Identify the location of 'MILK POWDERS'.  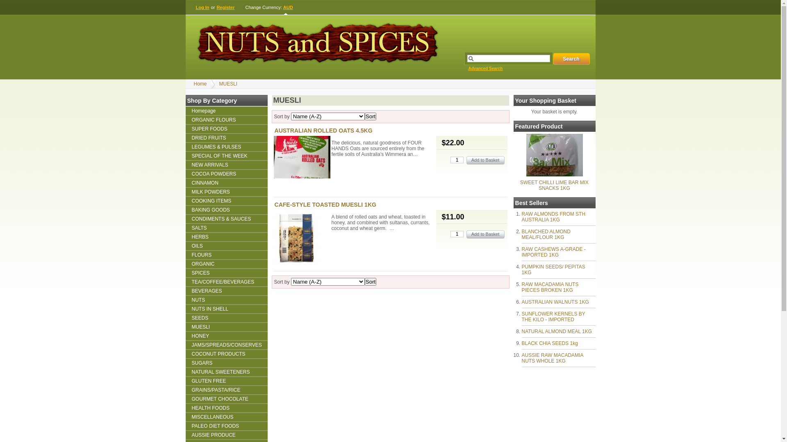
(226, 192).